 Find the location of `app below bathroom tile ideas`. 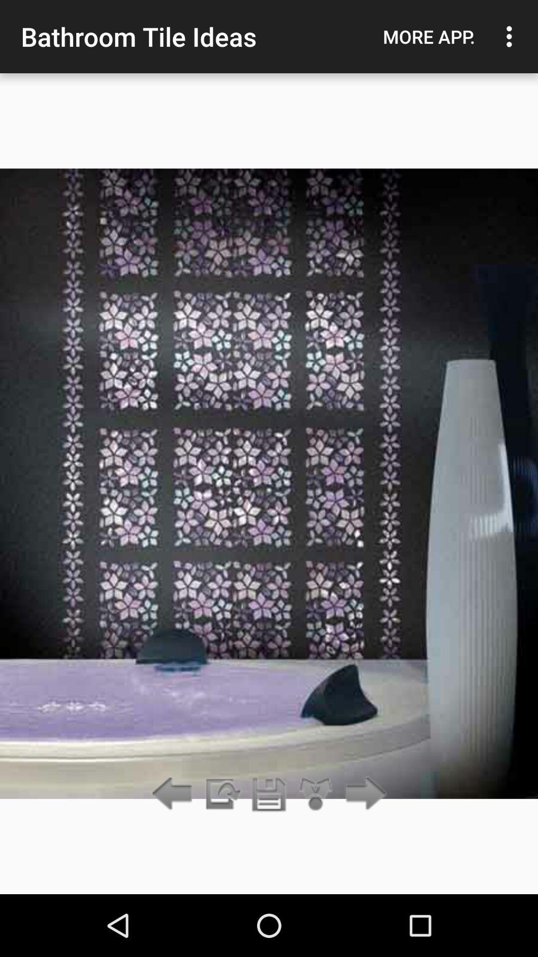

app below bathroom tile ideas is located at coordinates (221, 794).